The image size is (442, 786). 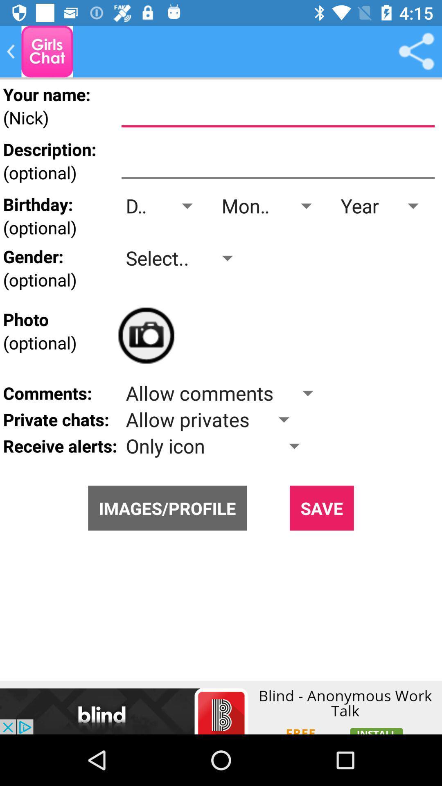 What do you see at coordinates (277, 161) in the screenshot?
I see `description` at bounding box center [277, 161].